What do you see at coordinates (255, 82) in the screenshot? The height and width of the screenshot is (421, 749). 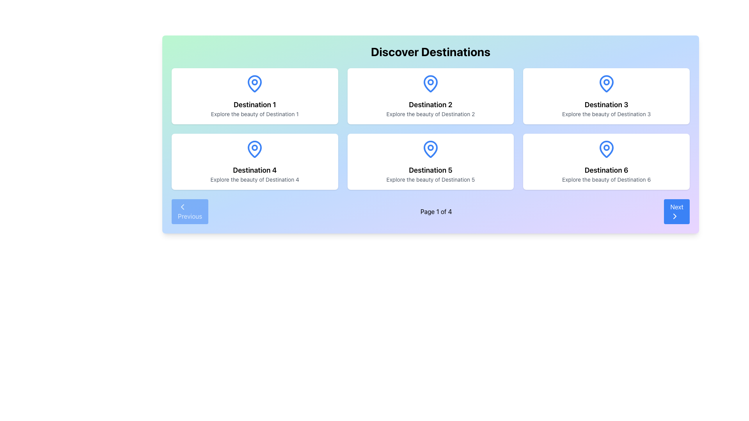 I see `the SVG Circle that visually represents the center of the map-pin icon above the text 'Destination 1' in the top-left destination card of the layout grid` at bounding box center [255, 82].